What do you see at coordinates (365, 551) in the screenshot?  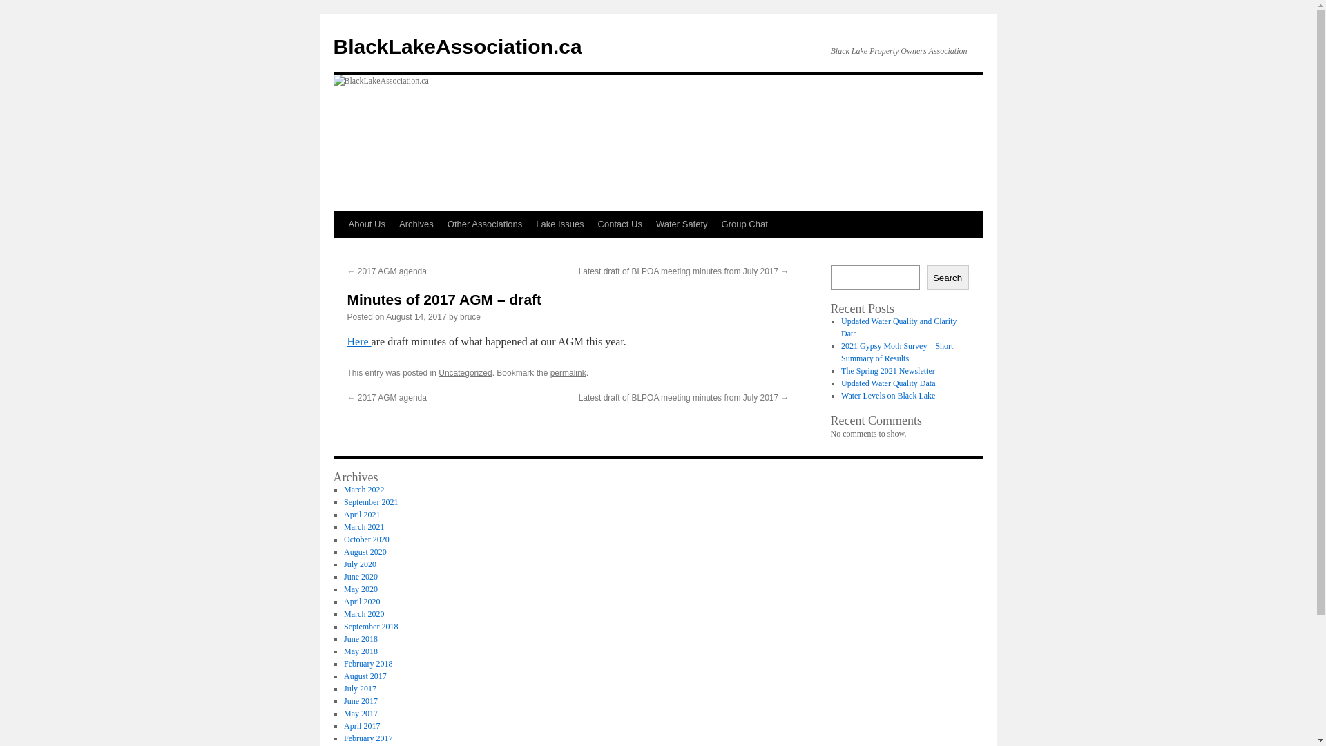 I see `'August 2020'` at bounding box center [365, 551].